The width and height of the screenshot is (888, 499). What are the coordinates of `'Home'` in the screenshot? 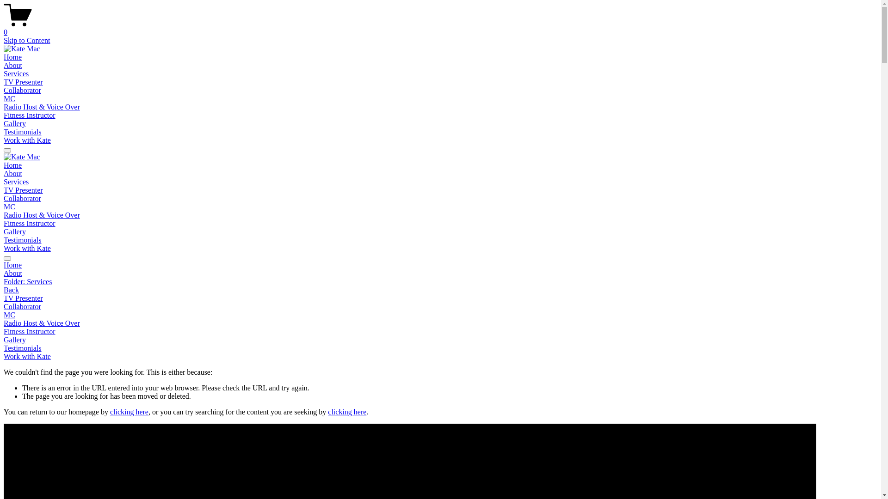 It's located at (4, 57).